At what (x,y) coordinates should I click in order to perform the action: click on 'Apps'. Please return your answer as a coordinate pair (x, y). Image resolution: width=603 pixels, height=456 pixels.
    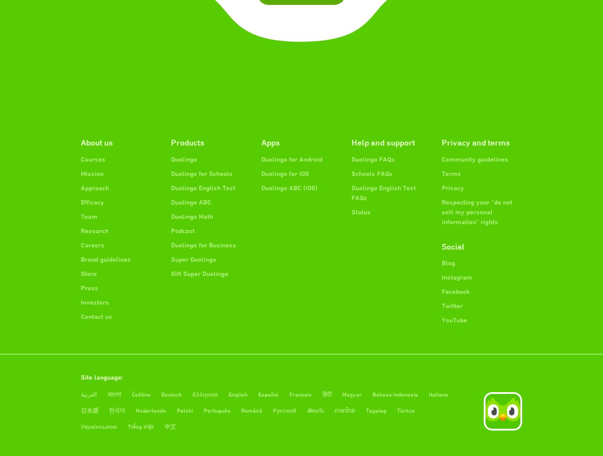
    Looking at the image, I should click on (271, 142).